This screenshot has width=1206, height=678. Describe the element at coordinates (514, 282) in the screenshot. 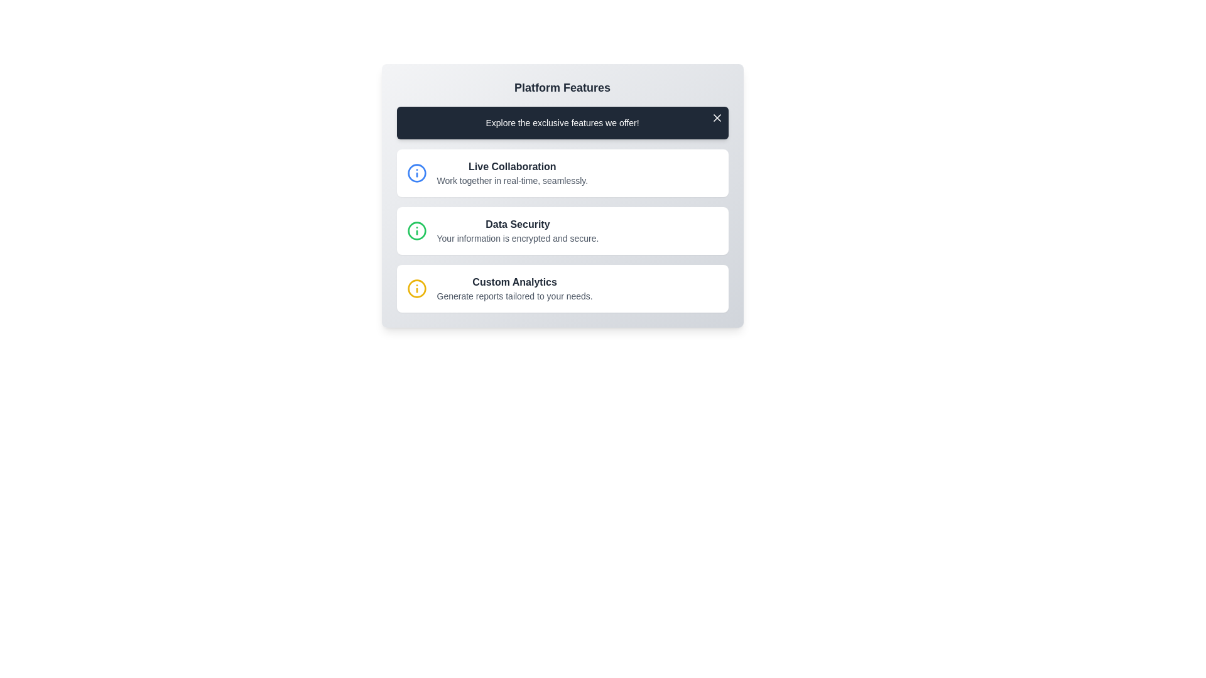

I see `the bolded text label reading 'Custom Analytics' located in the third row of a vertically stacked list of features, positioned below 'Live Collaboration' and 'Data Security'` at that location.